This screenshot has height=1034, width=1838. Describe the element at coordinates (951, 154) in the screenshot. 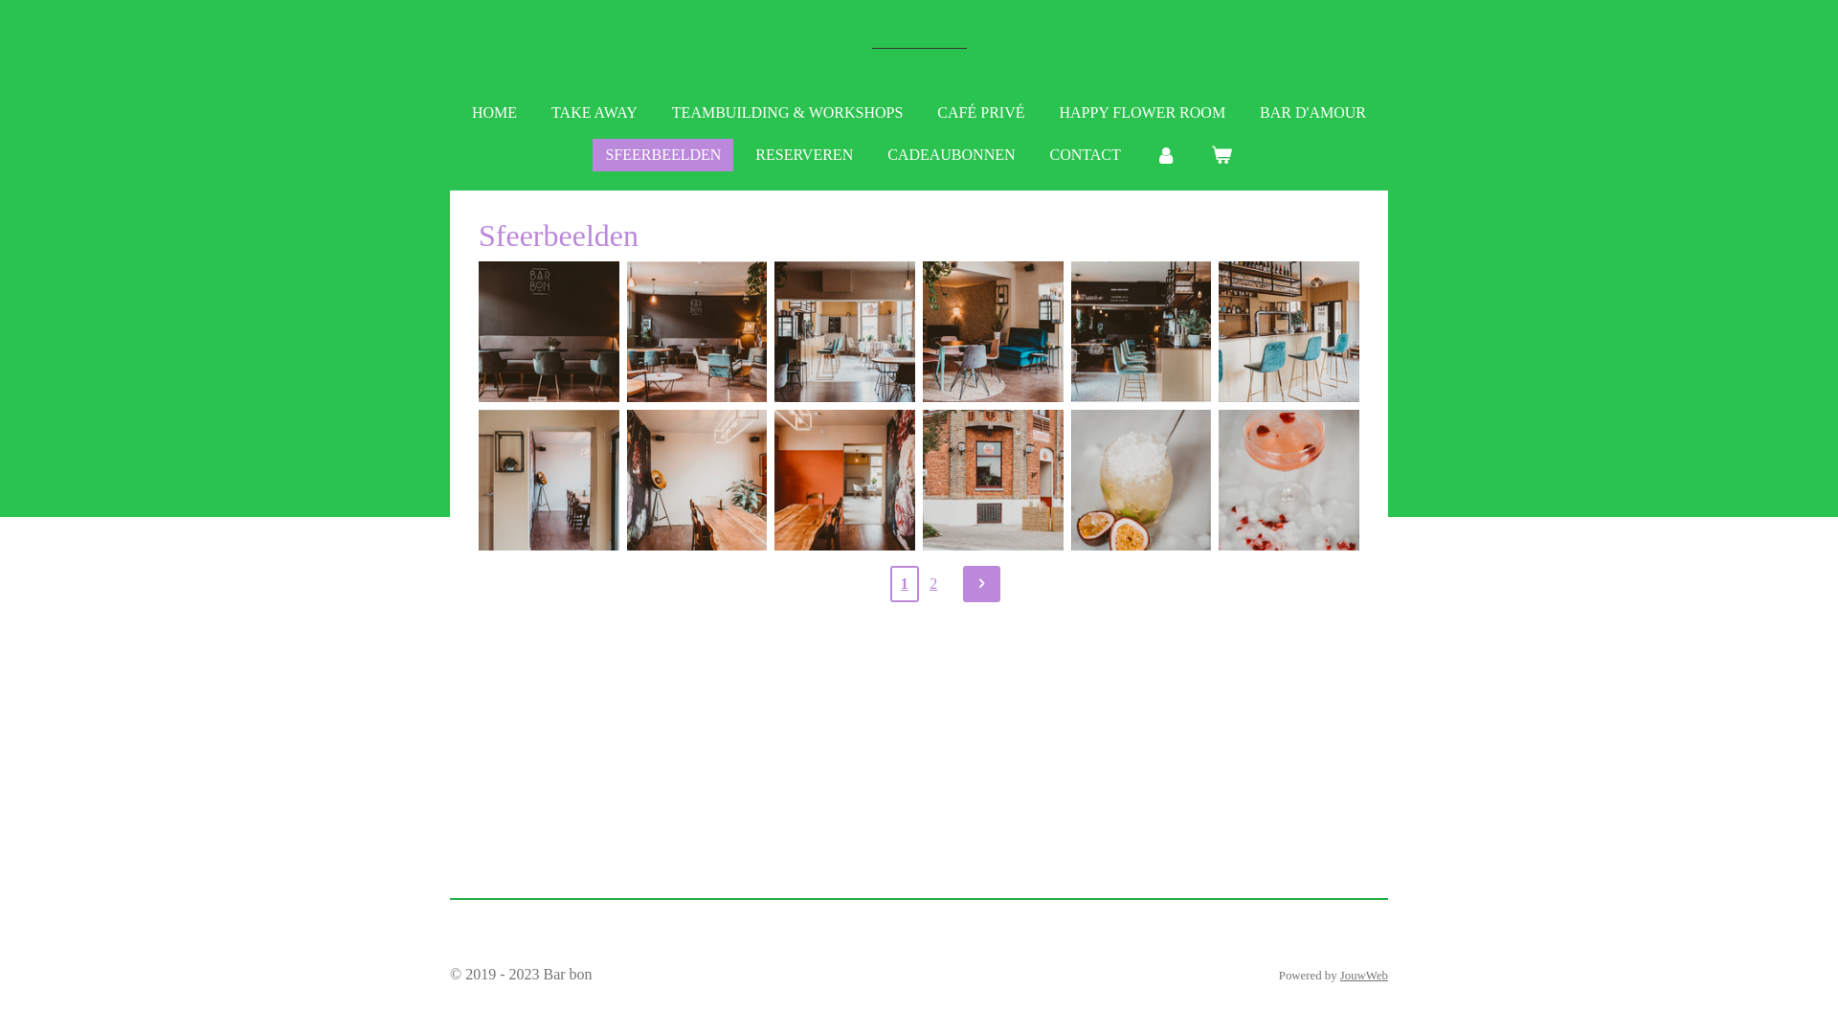

I see `'CADEAUBONNEN'` at that location.